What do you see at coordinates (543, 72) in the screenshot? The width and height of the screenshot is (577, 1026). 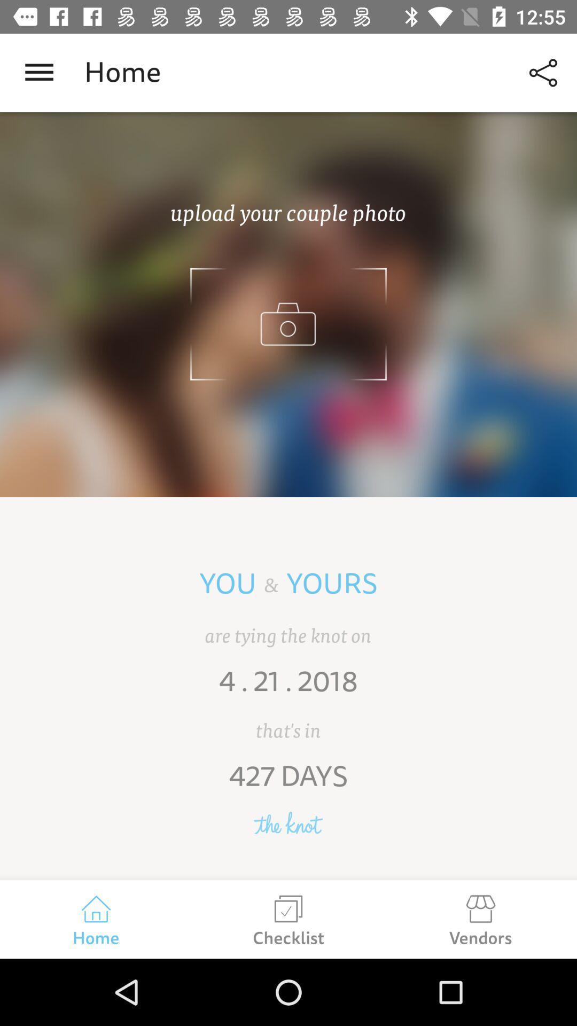 I see `the item next to home icon` at bounding box center [543, 72].